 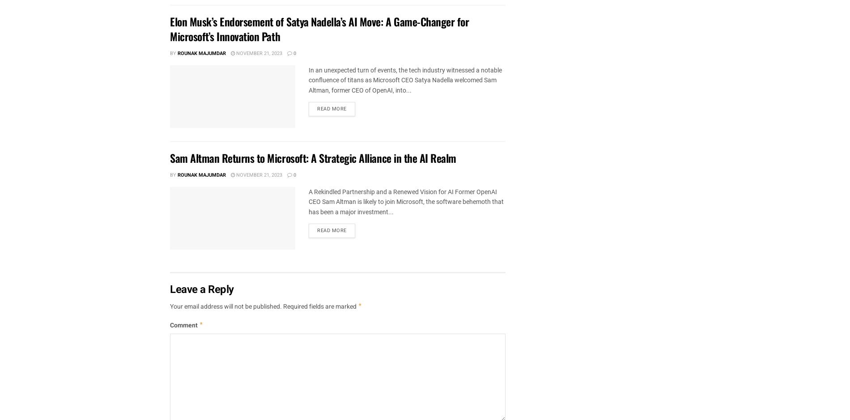 I want to click on 'Sam Altman Returns to Microsoft: A Strategic Alliance in the AI Realm', so click(x=170, y=157).